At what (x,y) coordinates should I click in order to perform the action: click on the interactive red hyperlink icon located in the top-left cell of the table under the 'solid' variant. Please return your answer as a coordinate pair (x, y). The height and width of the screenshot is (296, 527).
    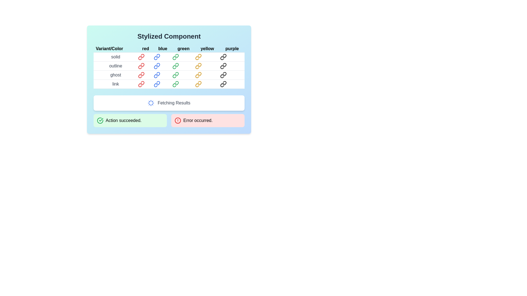
    Looking at the image, I should click on (141, 57).